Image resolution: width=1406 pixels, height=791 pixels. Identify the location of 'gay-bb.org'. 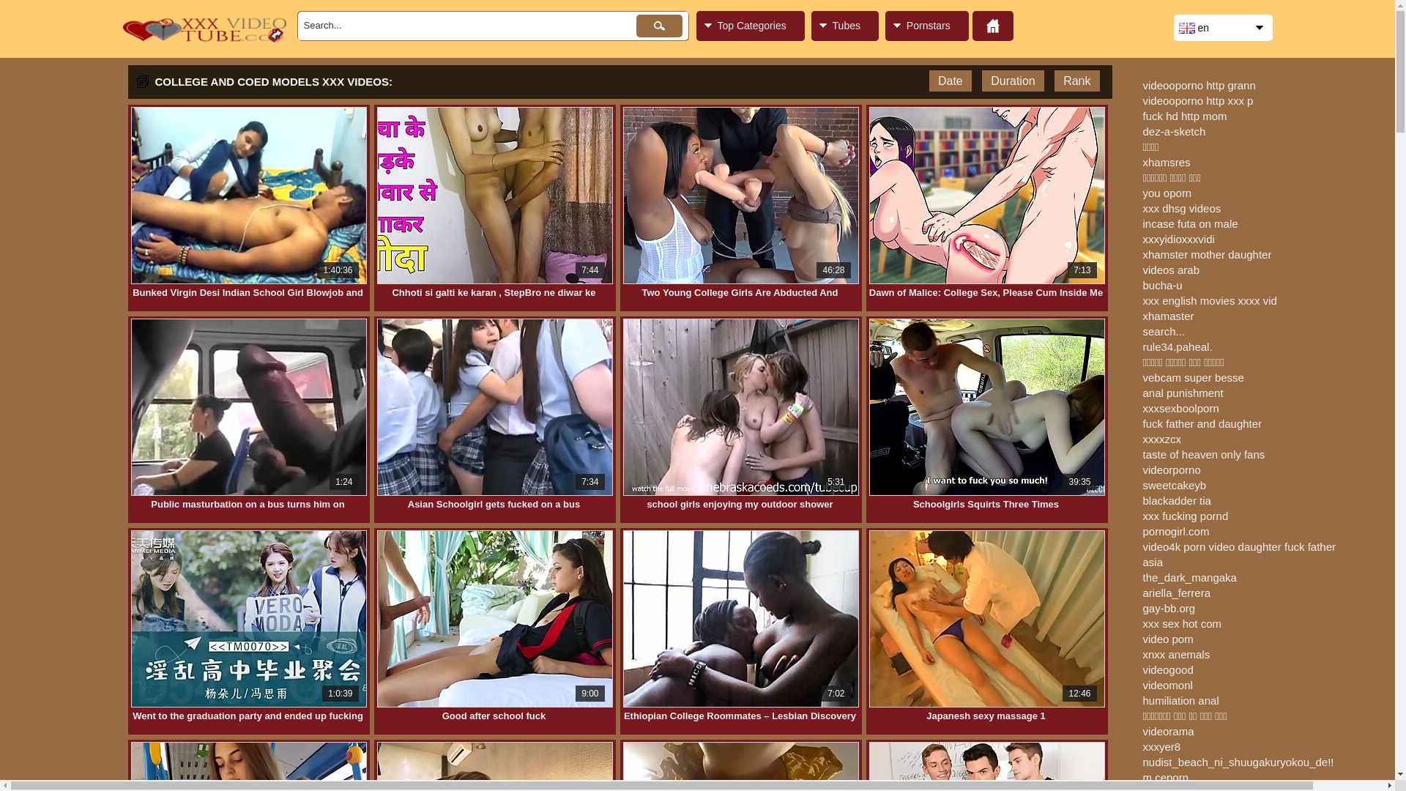
(1168, 608).